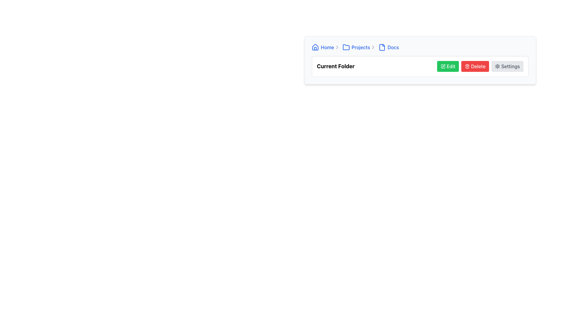  What do you see at coordinates (382, 47) in the screenshot?
I see `the small blue file icon located next to the 'Docs' text in the breadcrumb navigation bar` at bounding box center [382, 47].